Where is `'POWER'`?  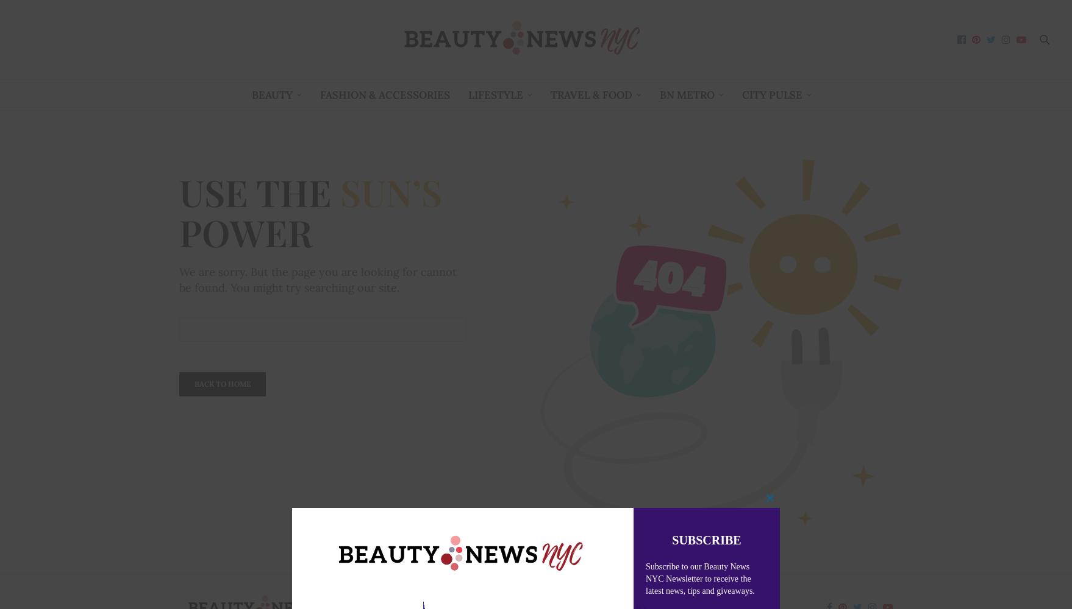
'POWER' is located at coordinates (246, 232).